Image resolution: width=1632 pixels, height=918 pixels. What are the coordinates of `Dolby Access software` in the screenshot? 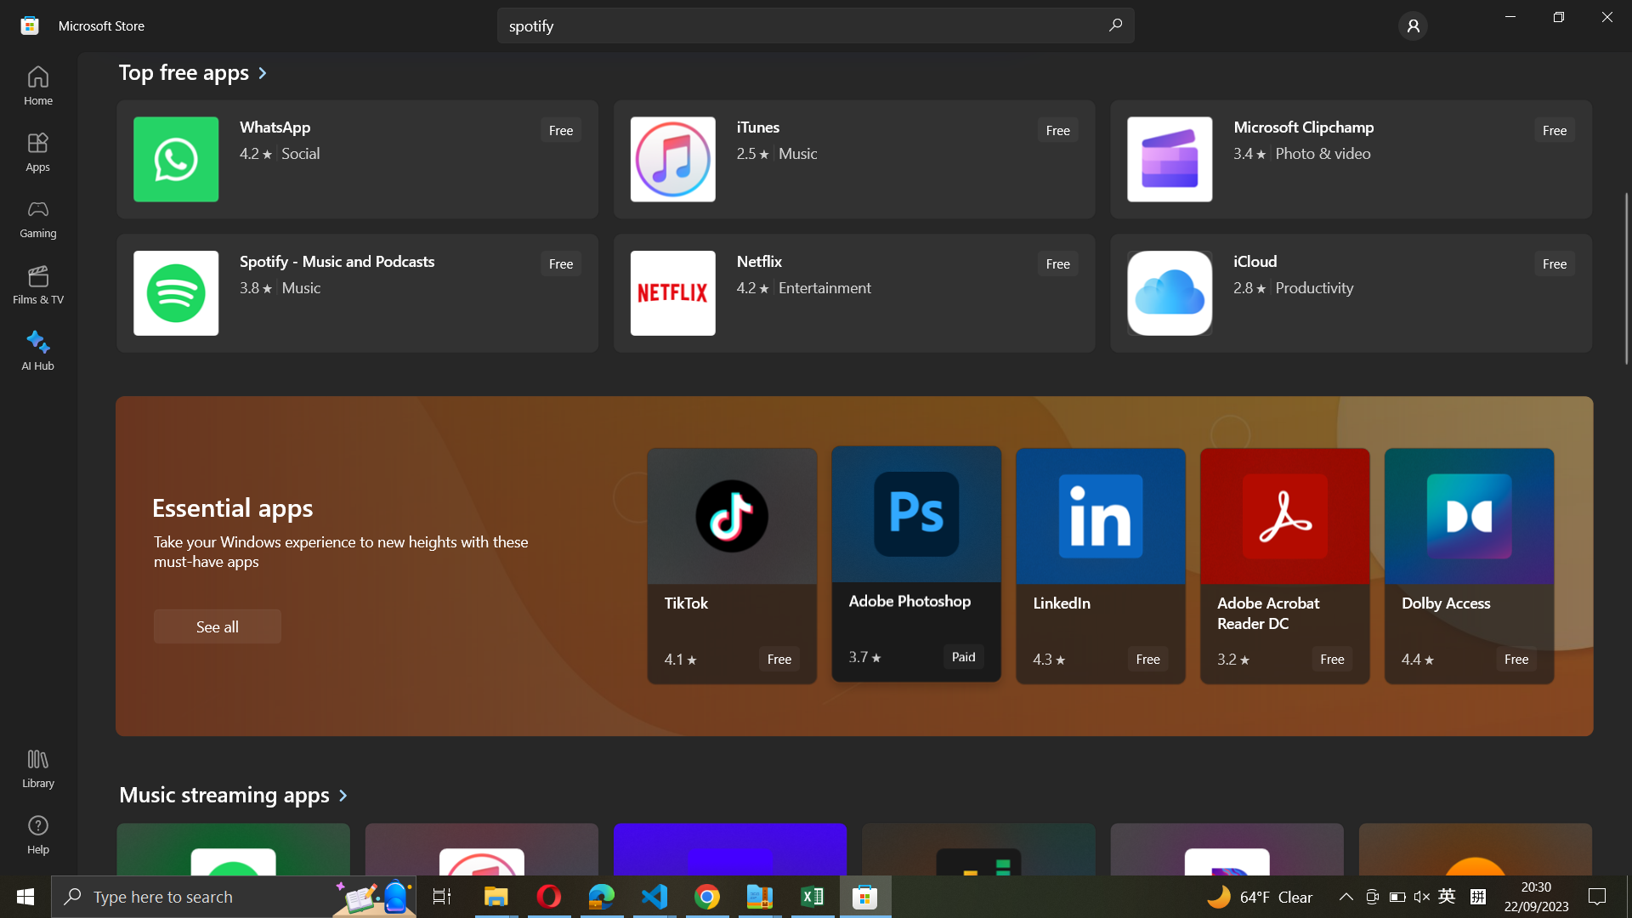 It's located at (1468, 566).